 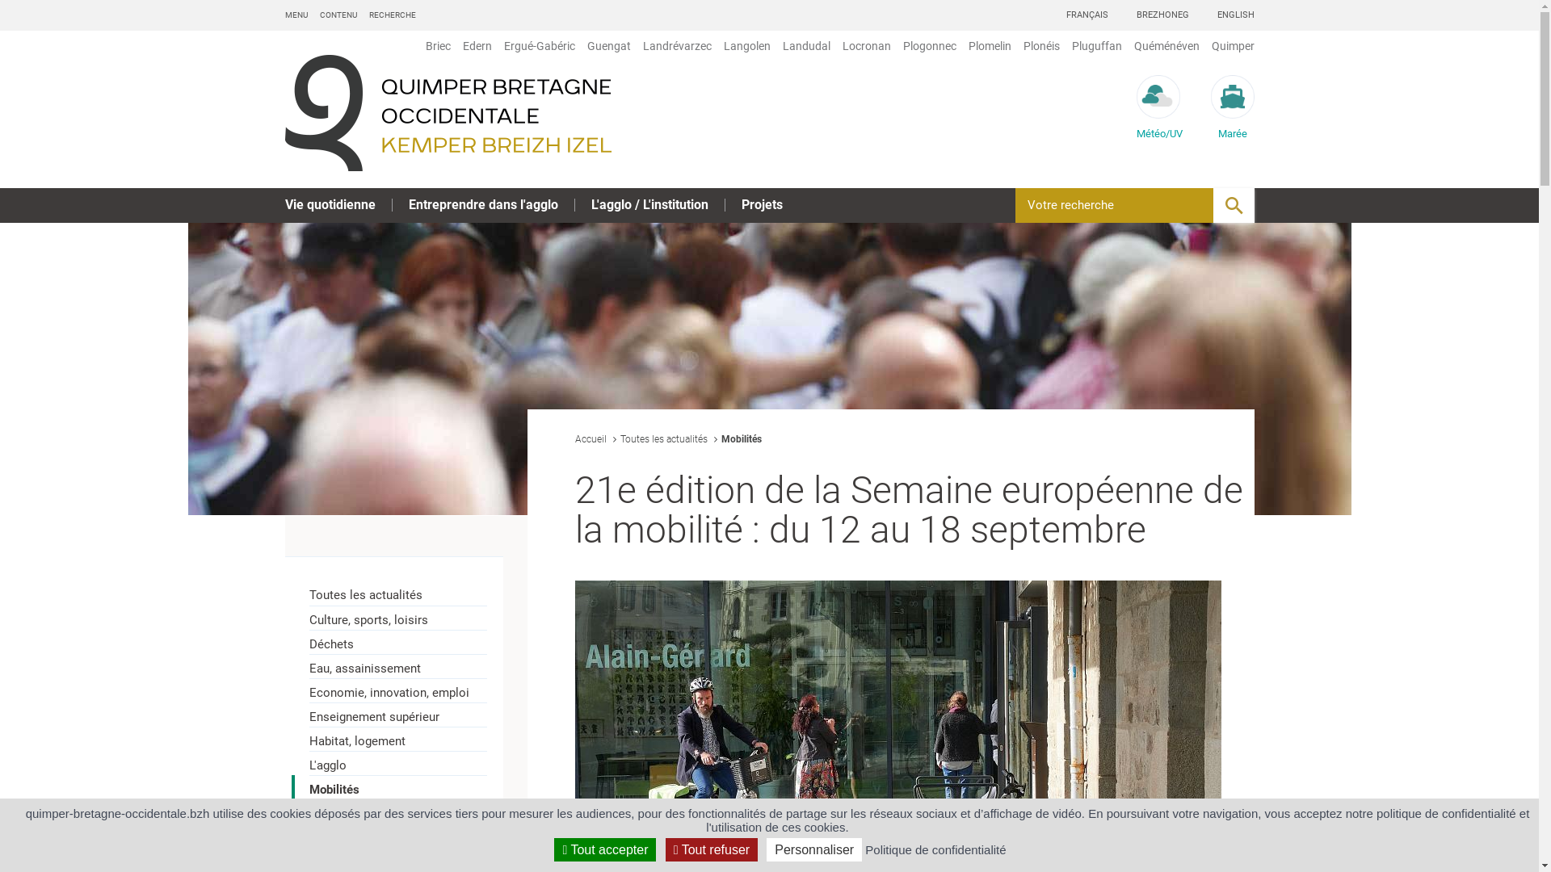 What do you see at coordinates (404, 666) in the screenshot?
I see `'Eau, assainissement'` at bounding box center [404, 666].